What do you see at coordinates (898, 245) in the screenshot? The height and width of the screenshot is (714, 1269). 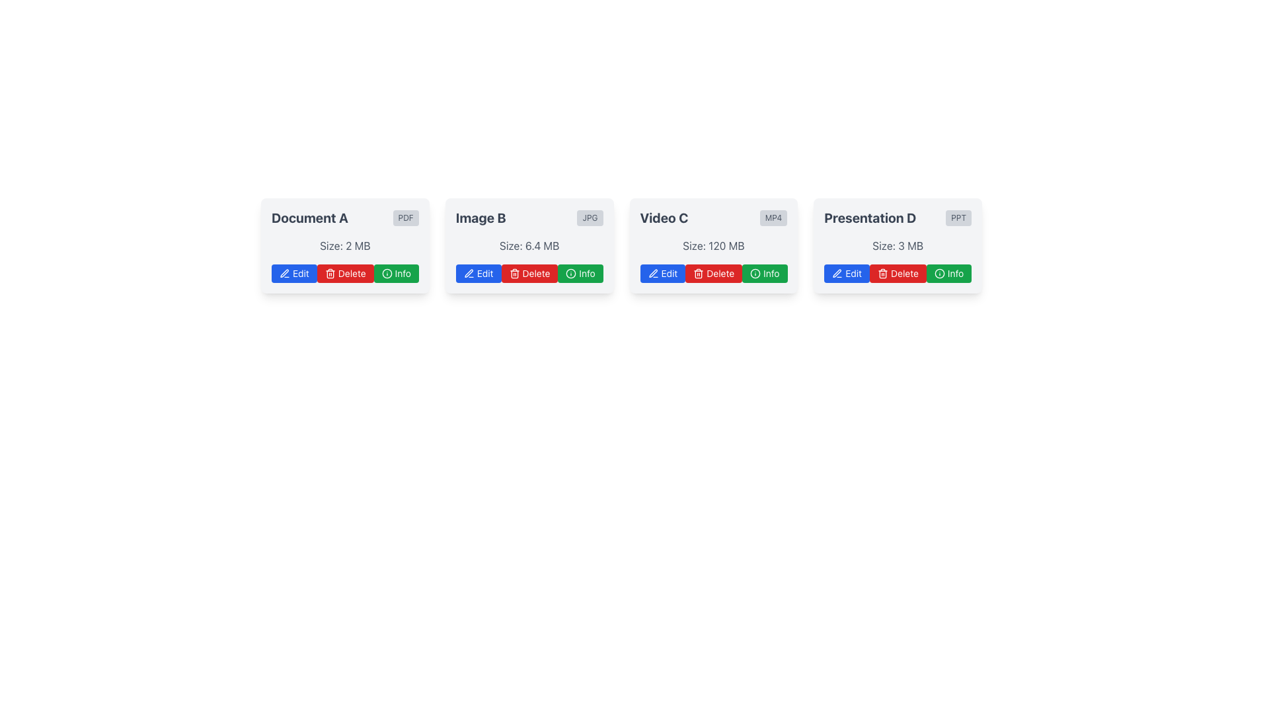 I see `the text label displaying 'Size: 3 MB' located in the fourth card labeled 'Presentation D', positioned below the title area and above the action buttons` at bounding box center [898, 245].